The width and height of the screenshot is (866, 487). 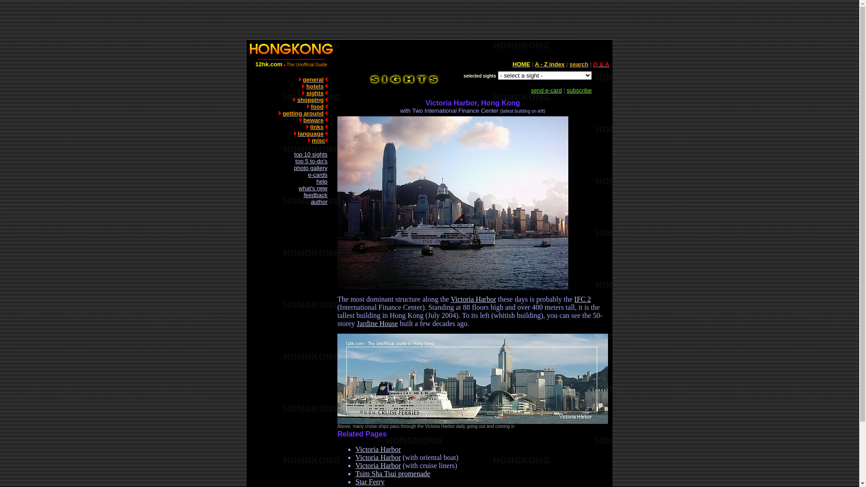 I want to click on 'top 10 sights', so click(x=311, y=154).